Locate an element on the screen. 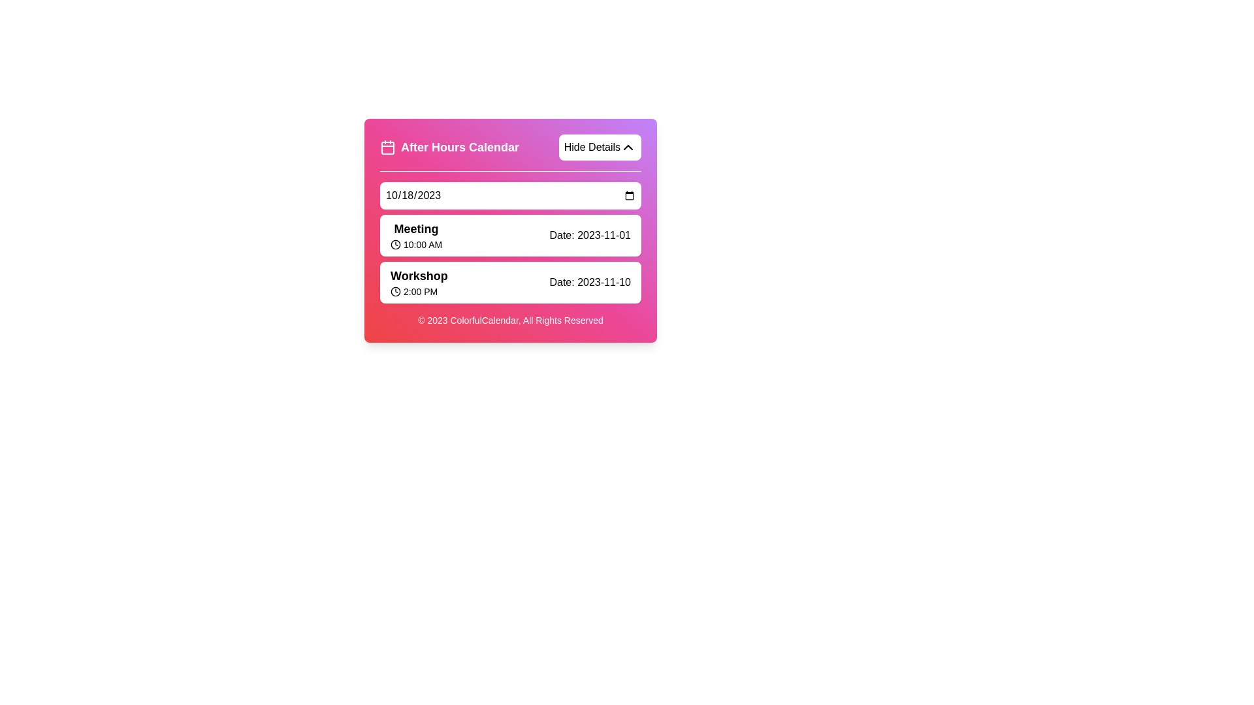 The width and height of the screenshot is (1254, 705). the icon that symbolizes time located to the left of the text '10:00 AM' in the second entry of the list under the heading 'Meeting' is located at coordinates (394, 244).